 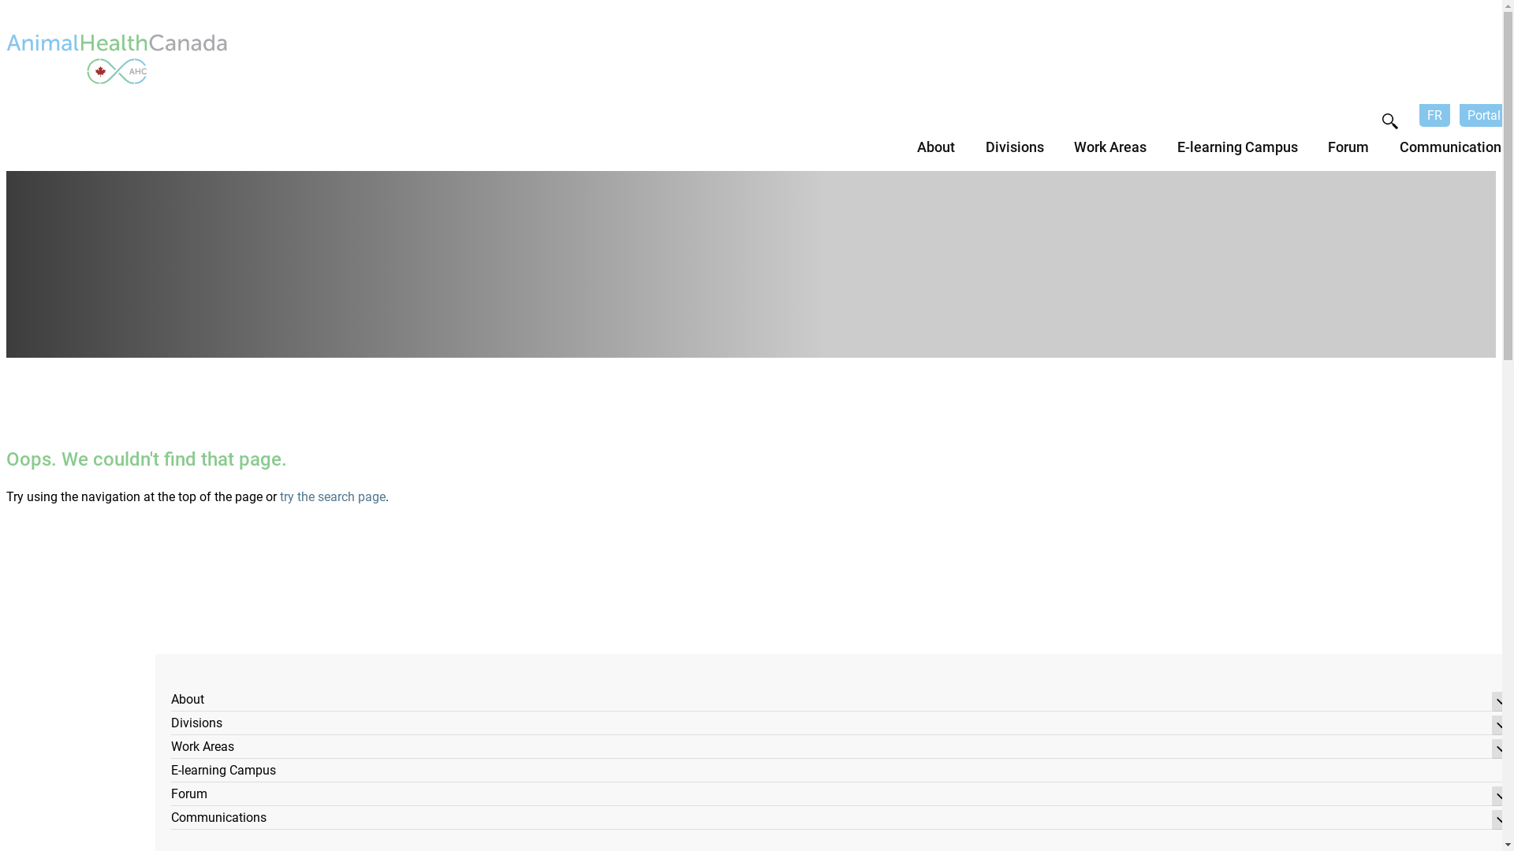 What do you see at coordinates (170, 771) in the screenshot?
I see `'E-learning Campus'` at bounding box center [170, 771].